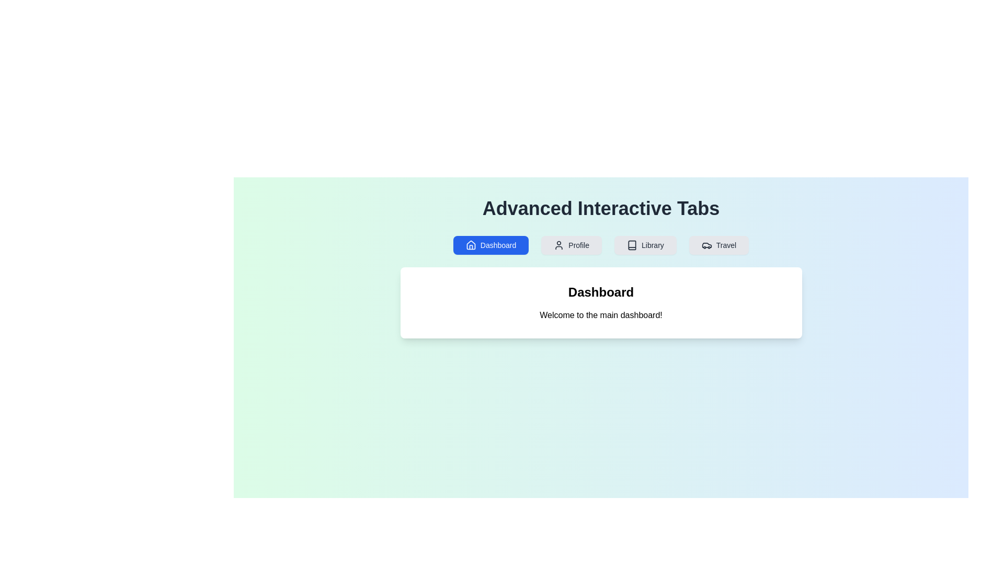 This screenshot has width=1004, height=565. I want to click on the blue rounded rectangular button labeled 'Dashboard' which contains a house icon, located in the top-center region of the interface, to trigger its hover effect, so click(490, 245).